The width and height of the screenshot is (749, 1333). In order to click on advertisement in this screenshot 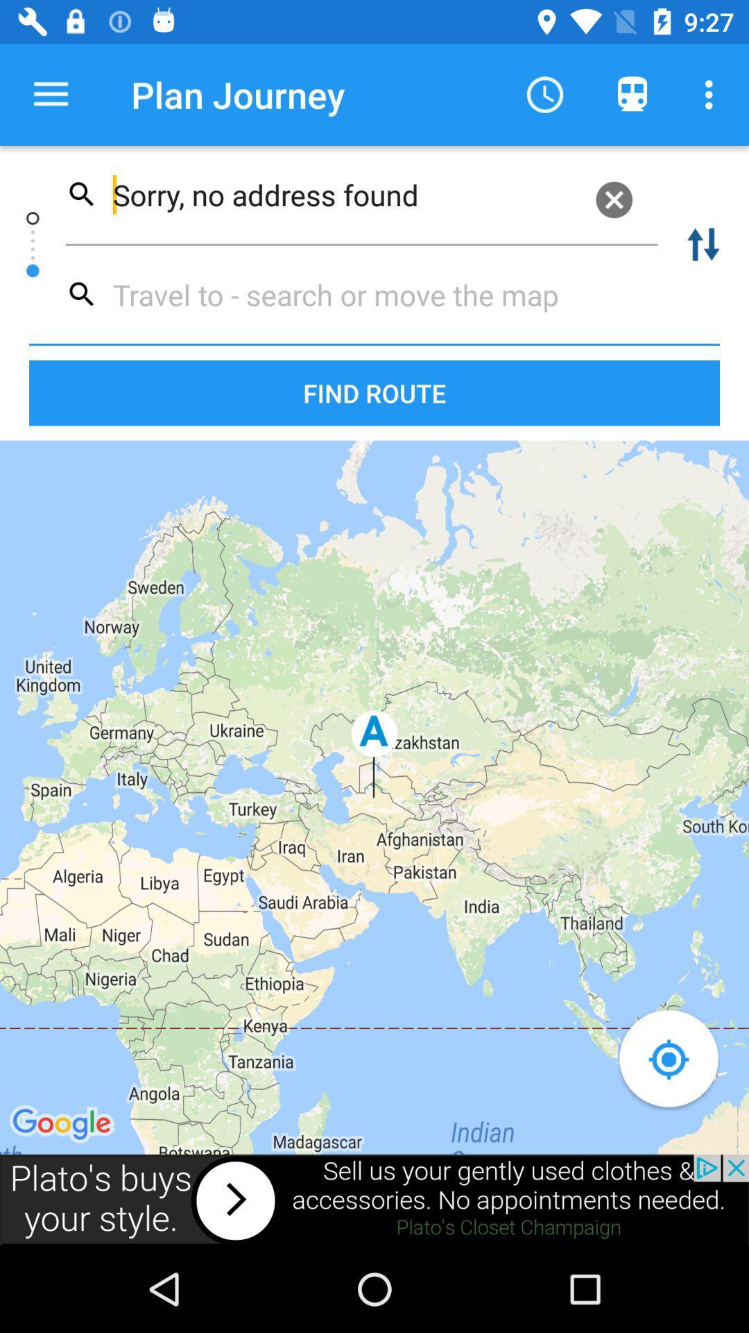, I will do `click(374, 1199)`.